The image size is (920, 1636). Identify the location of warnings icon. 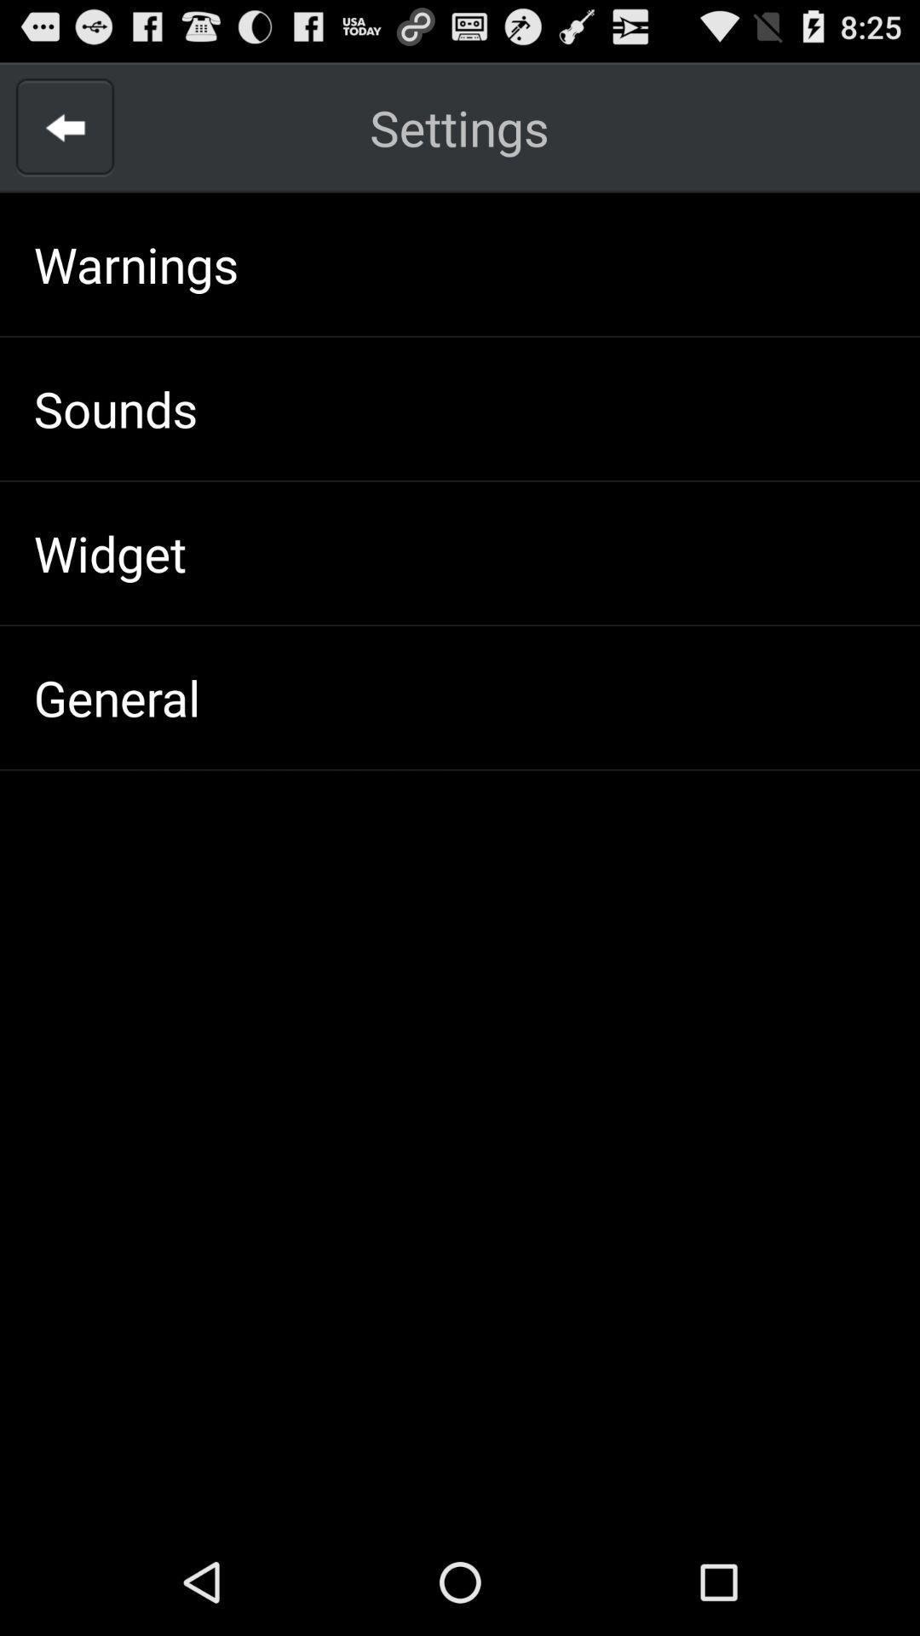
(135, 263).